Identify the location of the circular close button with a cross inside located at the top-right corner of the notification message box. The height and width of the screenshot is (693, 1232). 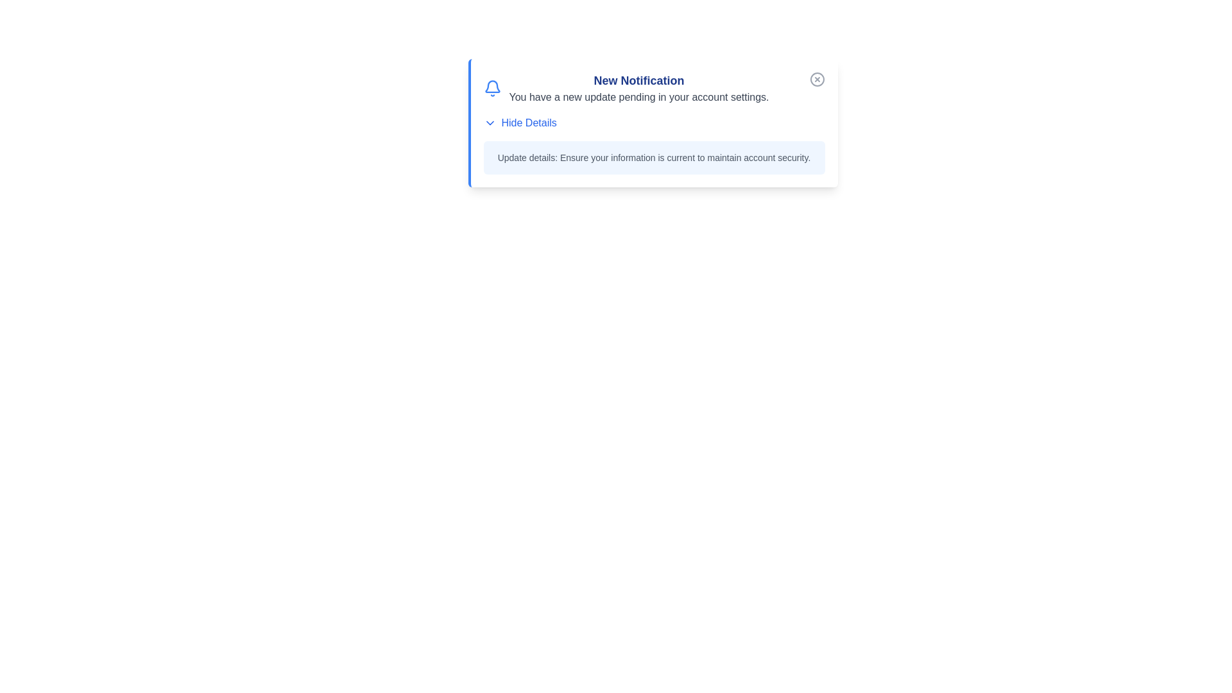
(816, 79).